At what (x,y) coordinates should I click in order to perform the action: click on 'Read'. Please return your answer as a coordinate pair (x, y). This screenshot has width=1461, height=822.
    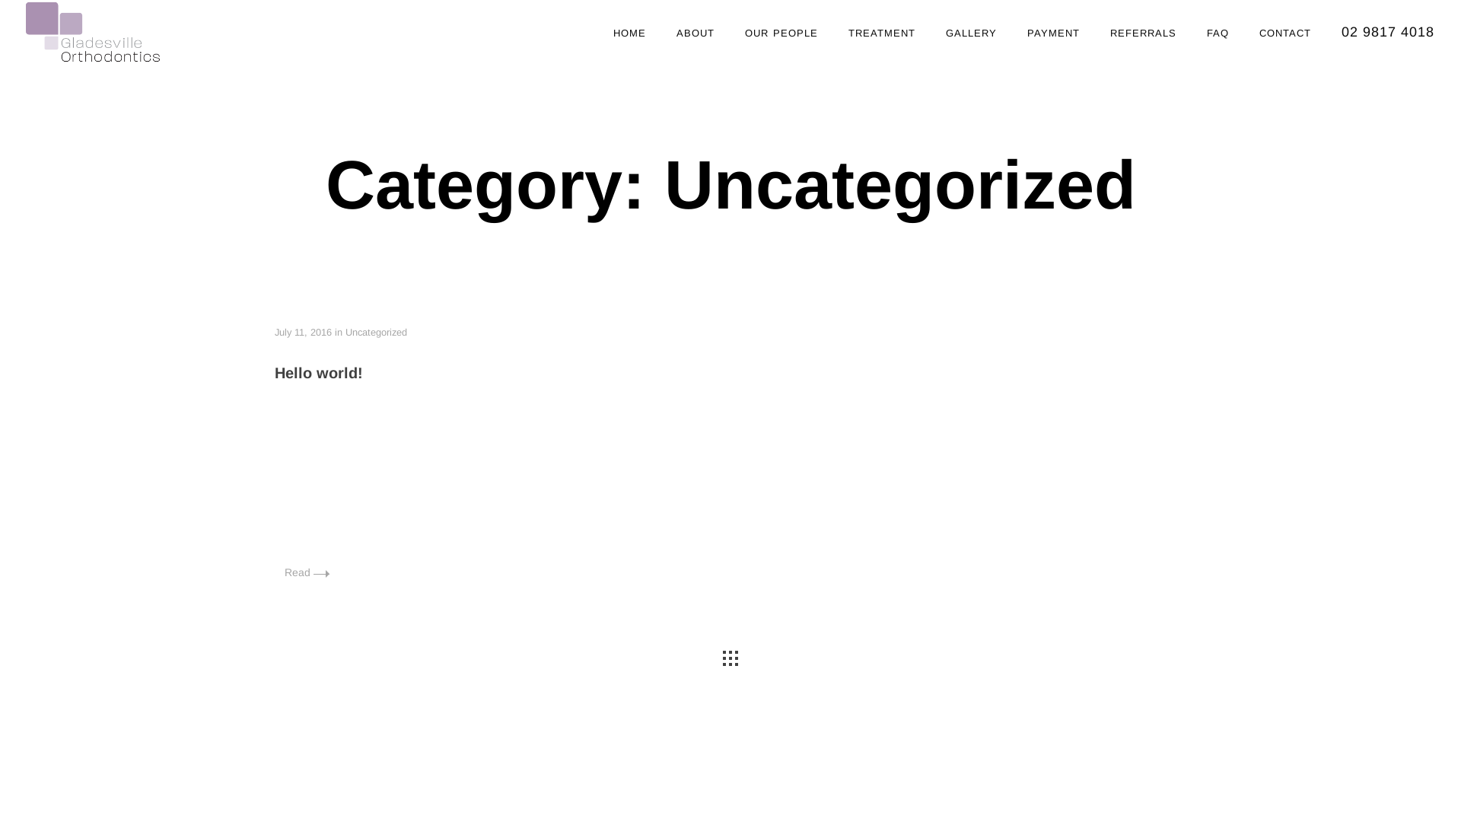
    Looking at the image, I should click on (306, 572).